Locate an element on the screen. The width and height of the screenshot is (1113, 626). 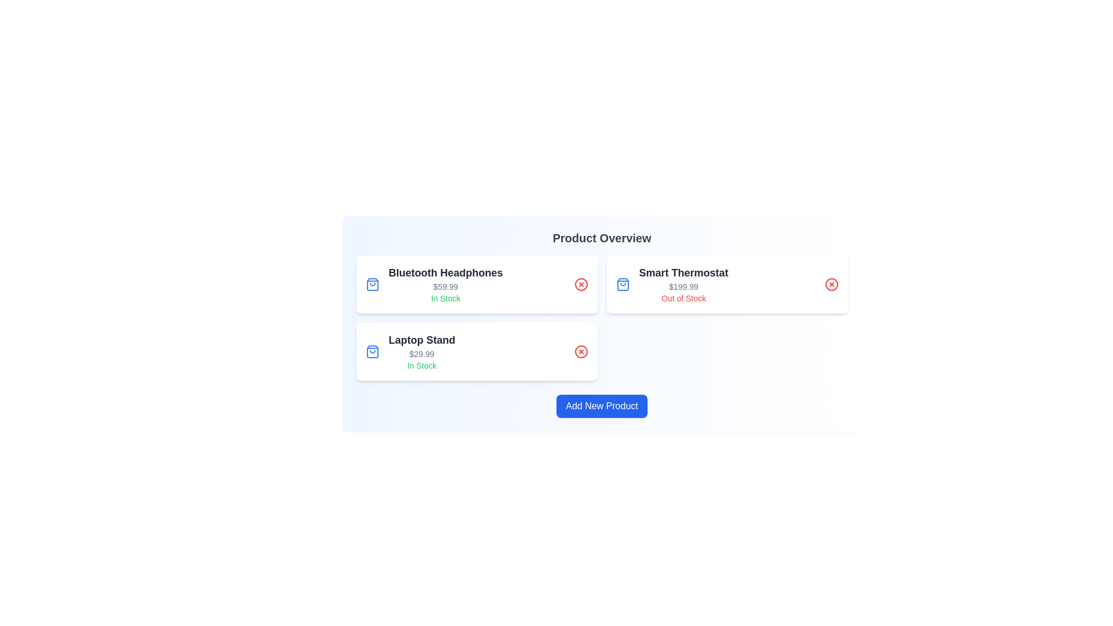
remove button for the product identified by Bluetooth Headphones is located at coordinates (581, 284).